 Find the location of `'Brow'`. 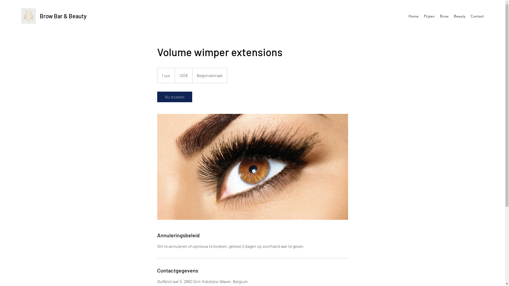

'Brow' is located at coordinates (444, 16).